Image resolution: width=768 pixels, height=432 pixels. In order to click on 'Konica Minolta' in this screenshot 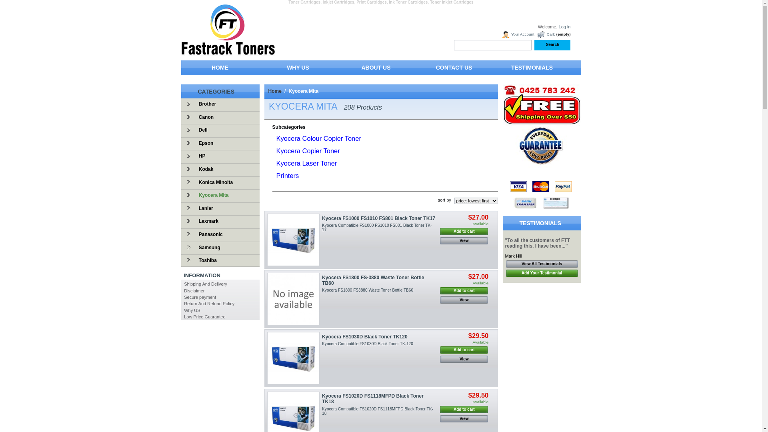, I will do `click(214, 182)`.